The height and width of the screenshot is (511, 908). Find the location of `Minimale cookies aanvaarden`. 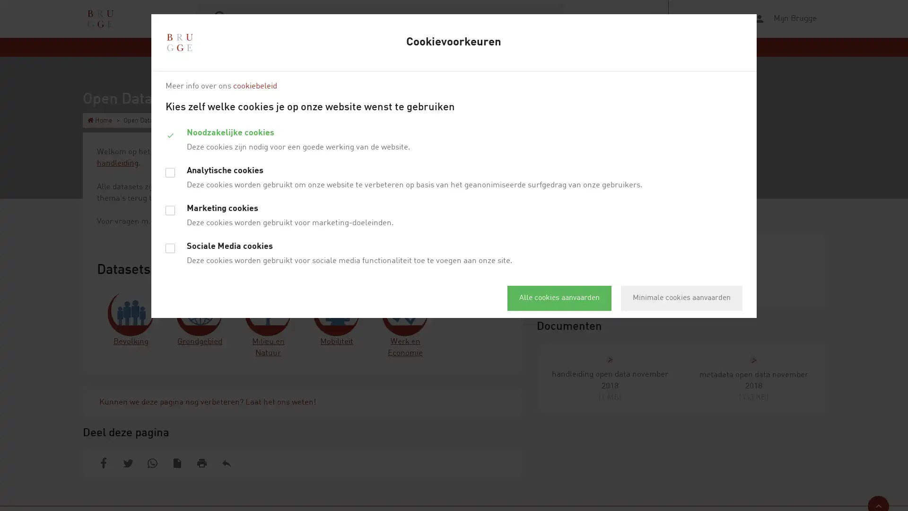

Minimale cookies aanvaarden is located at coordinates (681, 298).